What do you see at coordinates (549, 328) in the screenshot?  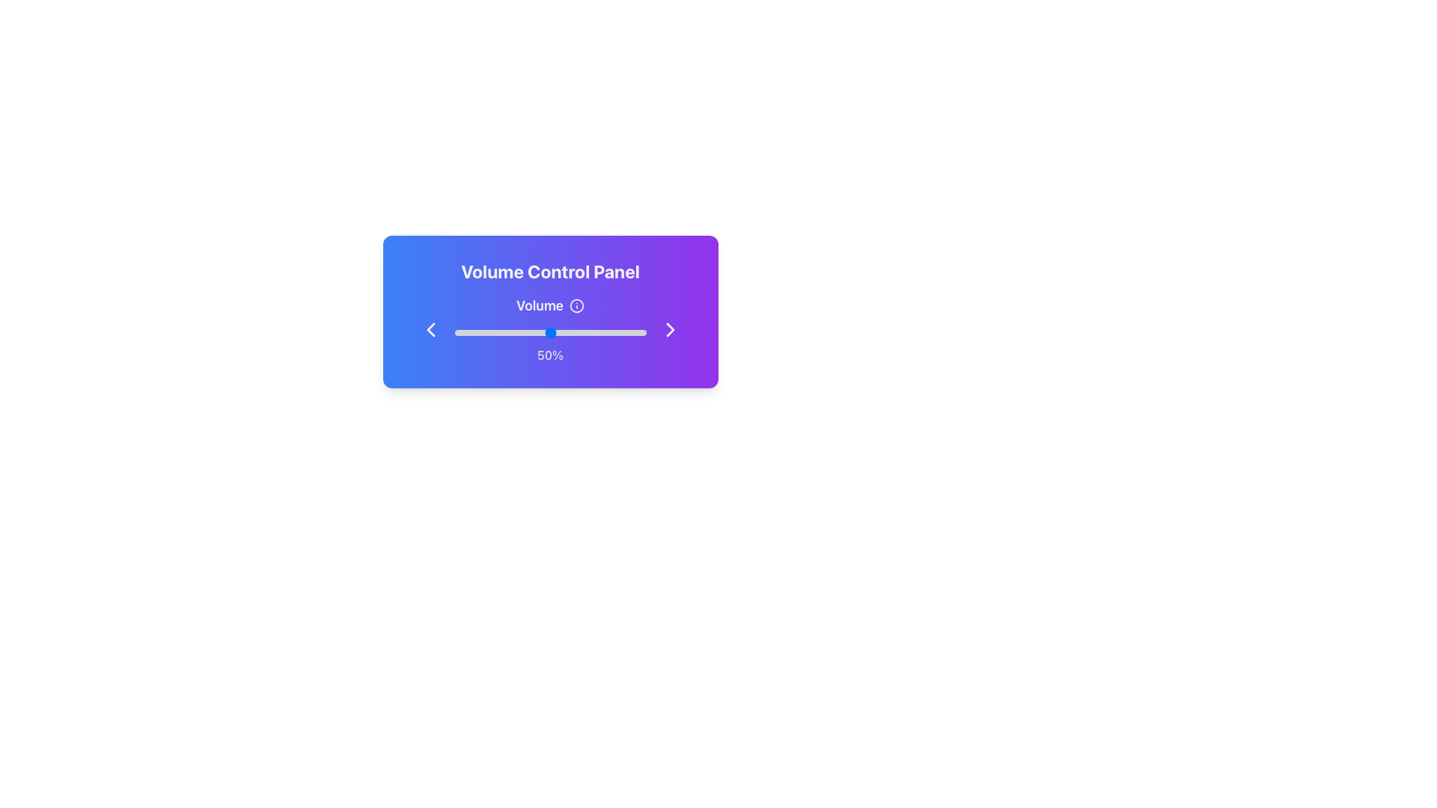 I see `the interactive volume slider located in the Volume Control Panel, which is centered between the text 'Volume' and the percentage indicator '50%'` at bounding box center [549, 328].